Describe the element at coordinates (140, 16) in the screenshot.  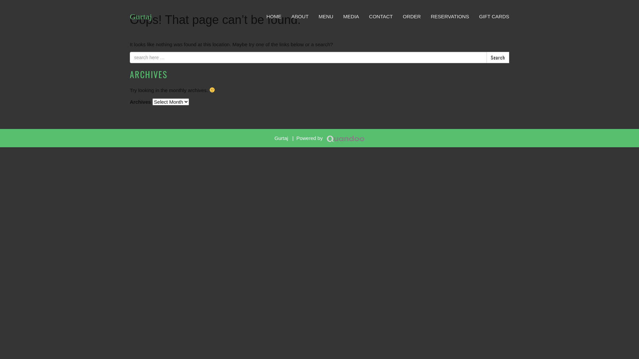
I see `'Gurtaj'` at that location.